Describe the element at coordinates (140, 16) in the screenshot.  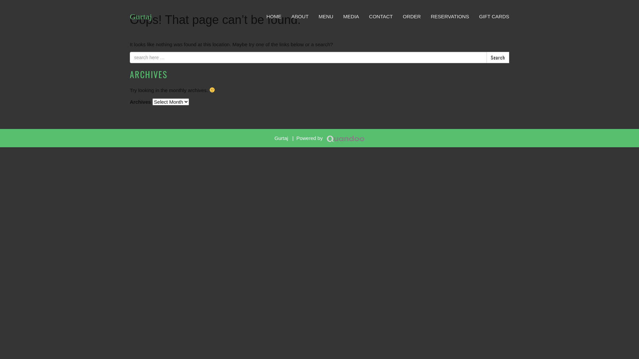
I see `'Gurtaj'` at that location.